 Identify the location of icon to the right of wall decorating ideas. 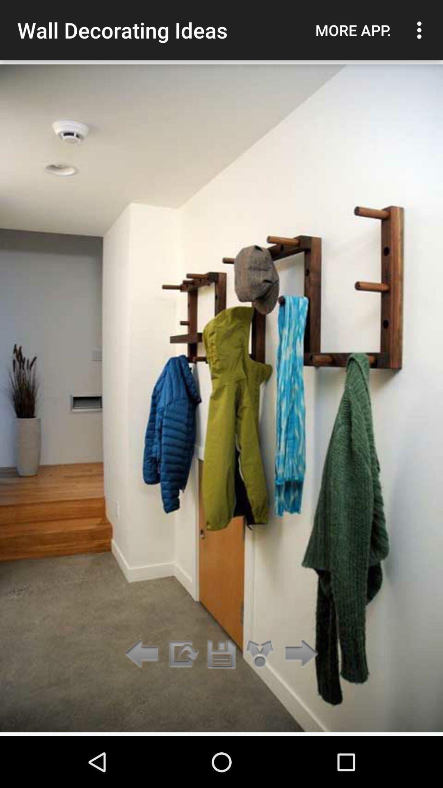
(353, 30).